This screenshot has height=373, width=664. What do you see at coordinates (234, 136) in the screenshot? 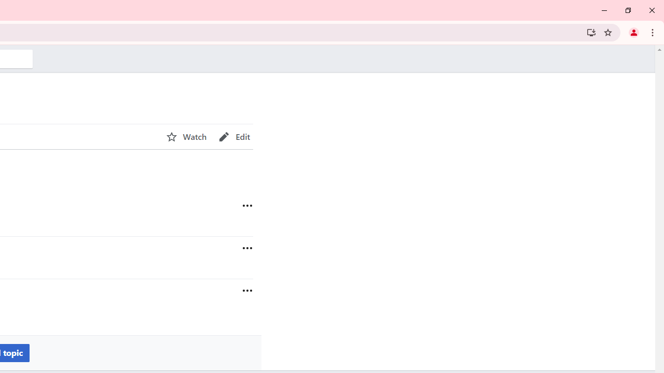
I see `'Edit'` at bounding box center [234, 136].